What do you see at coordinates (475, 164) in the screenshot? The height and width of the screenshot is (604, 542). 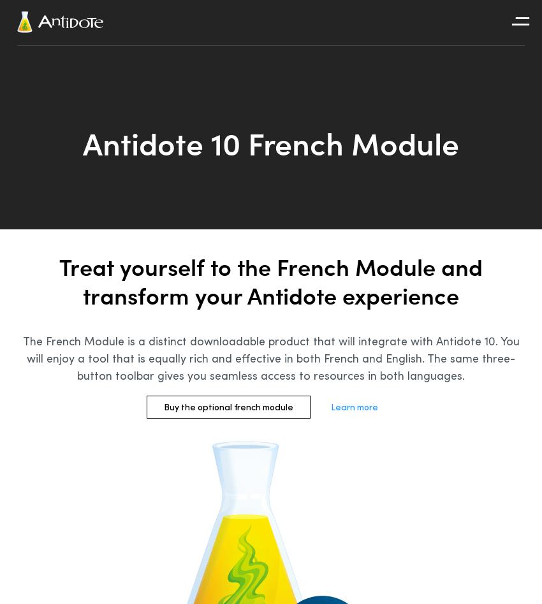 I see `'Relevant links from the corrector and dictionaries'` at bounding box center [475, 164].